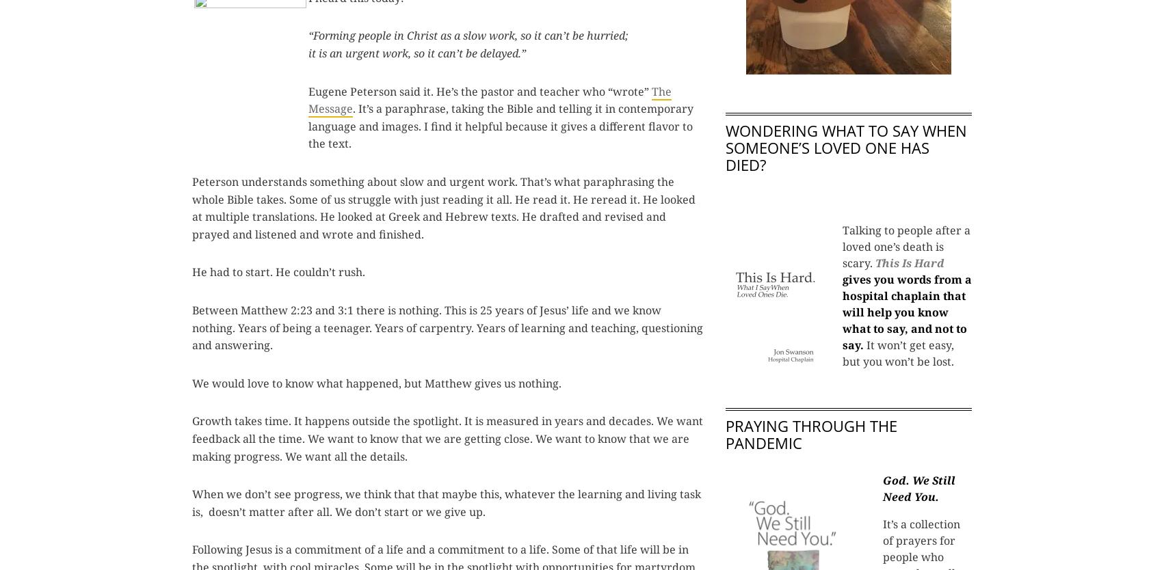 This screenshot has width=1164, height=570. What do you see at coordinates (918, 488) in the screenshot?
I see `'God. We Still Need You.'` at bounding box center [918, 488].